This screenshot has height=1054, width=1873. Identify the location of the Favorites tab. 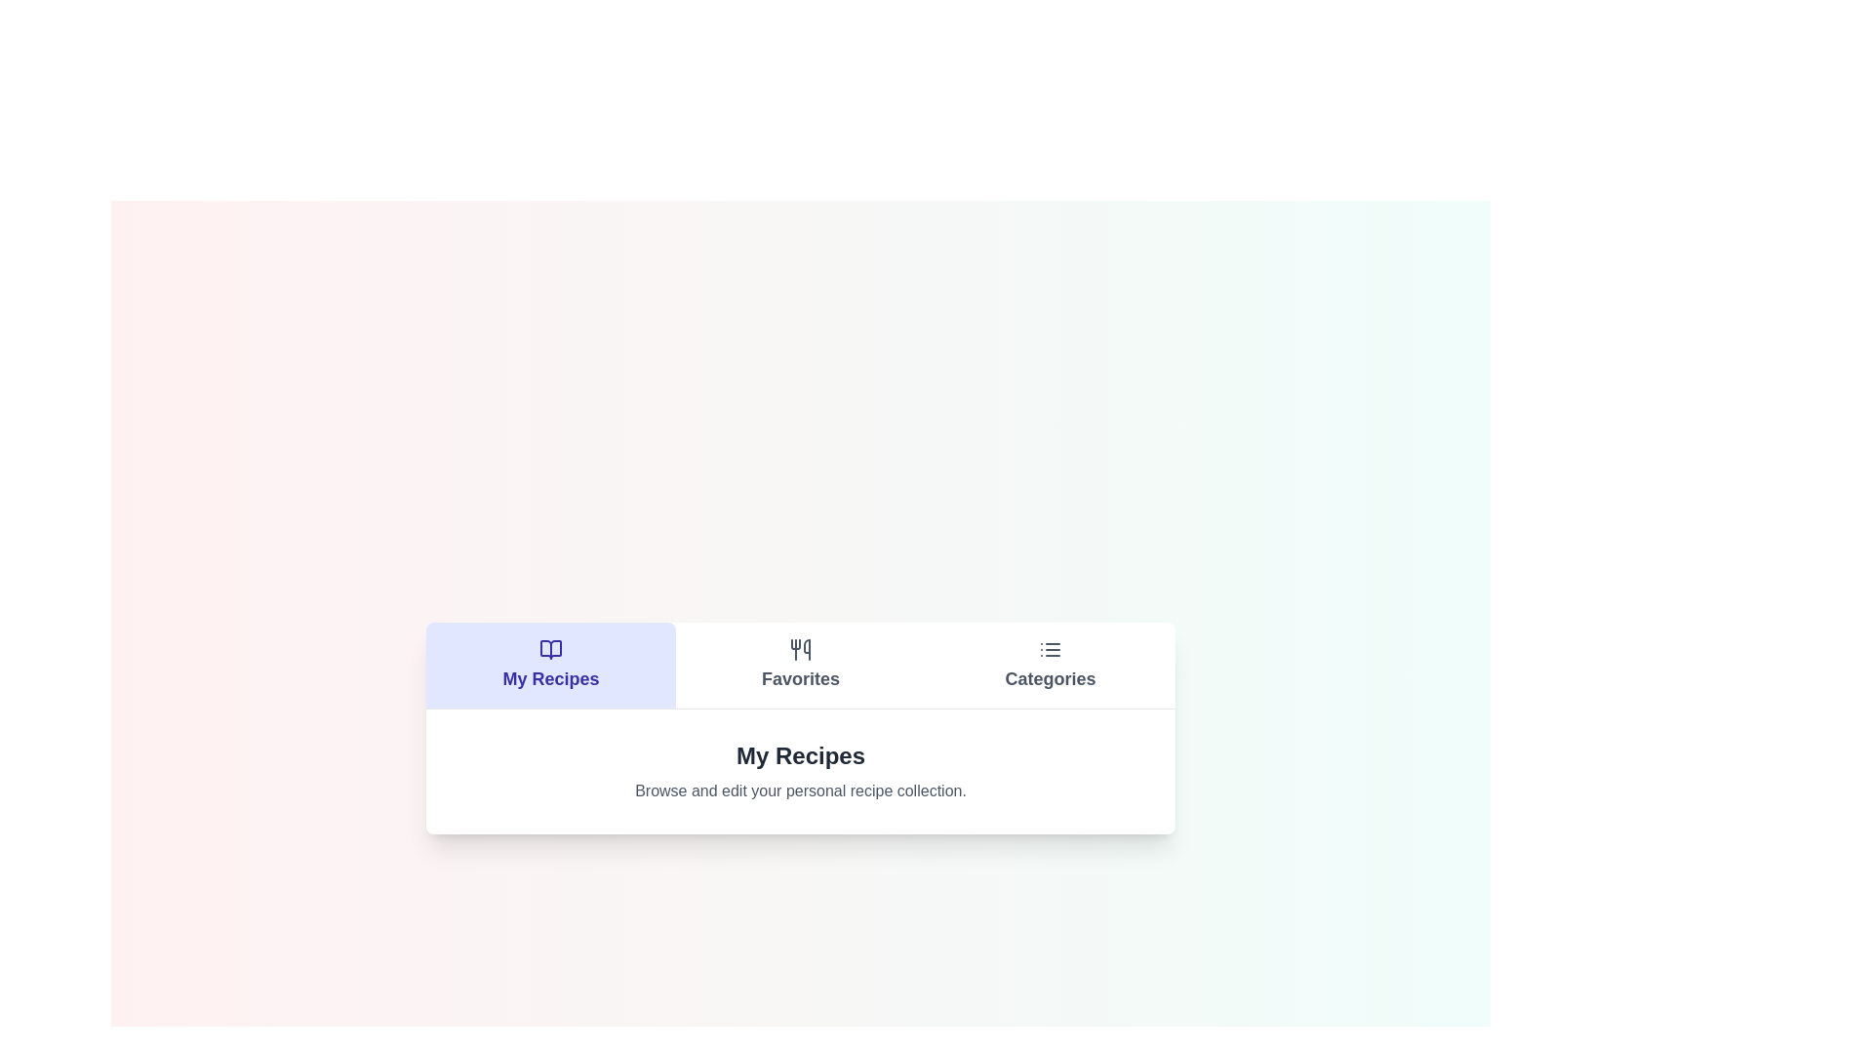
(800, 664).